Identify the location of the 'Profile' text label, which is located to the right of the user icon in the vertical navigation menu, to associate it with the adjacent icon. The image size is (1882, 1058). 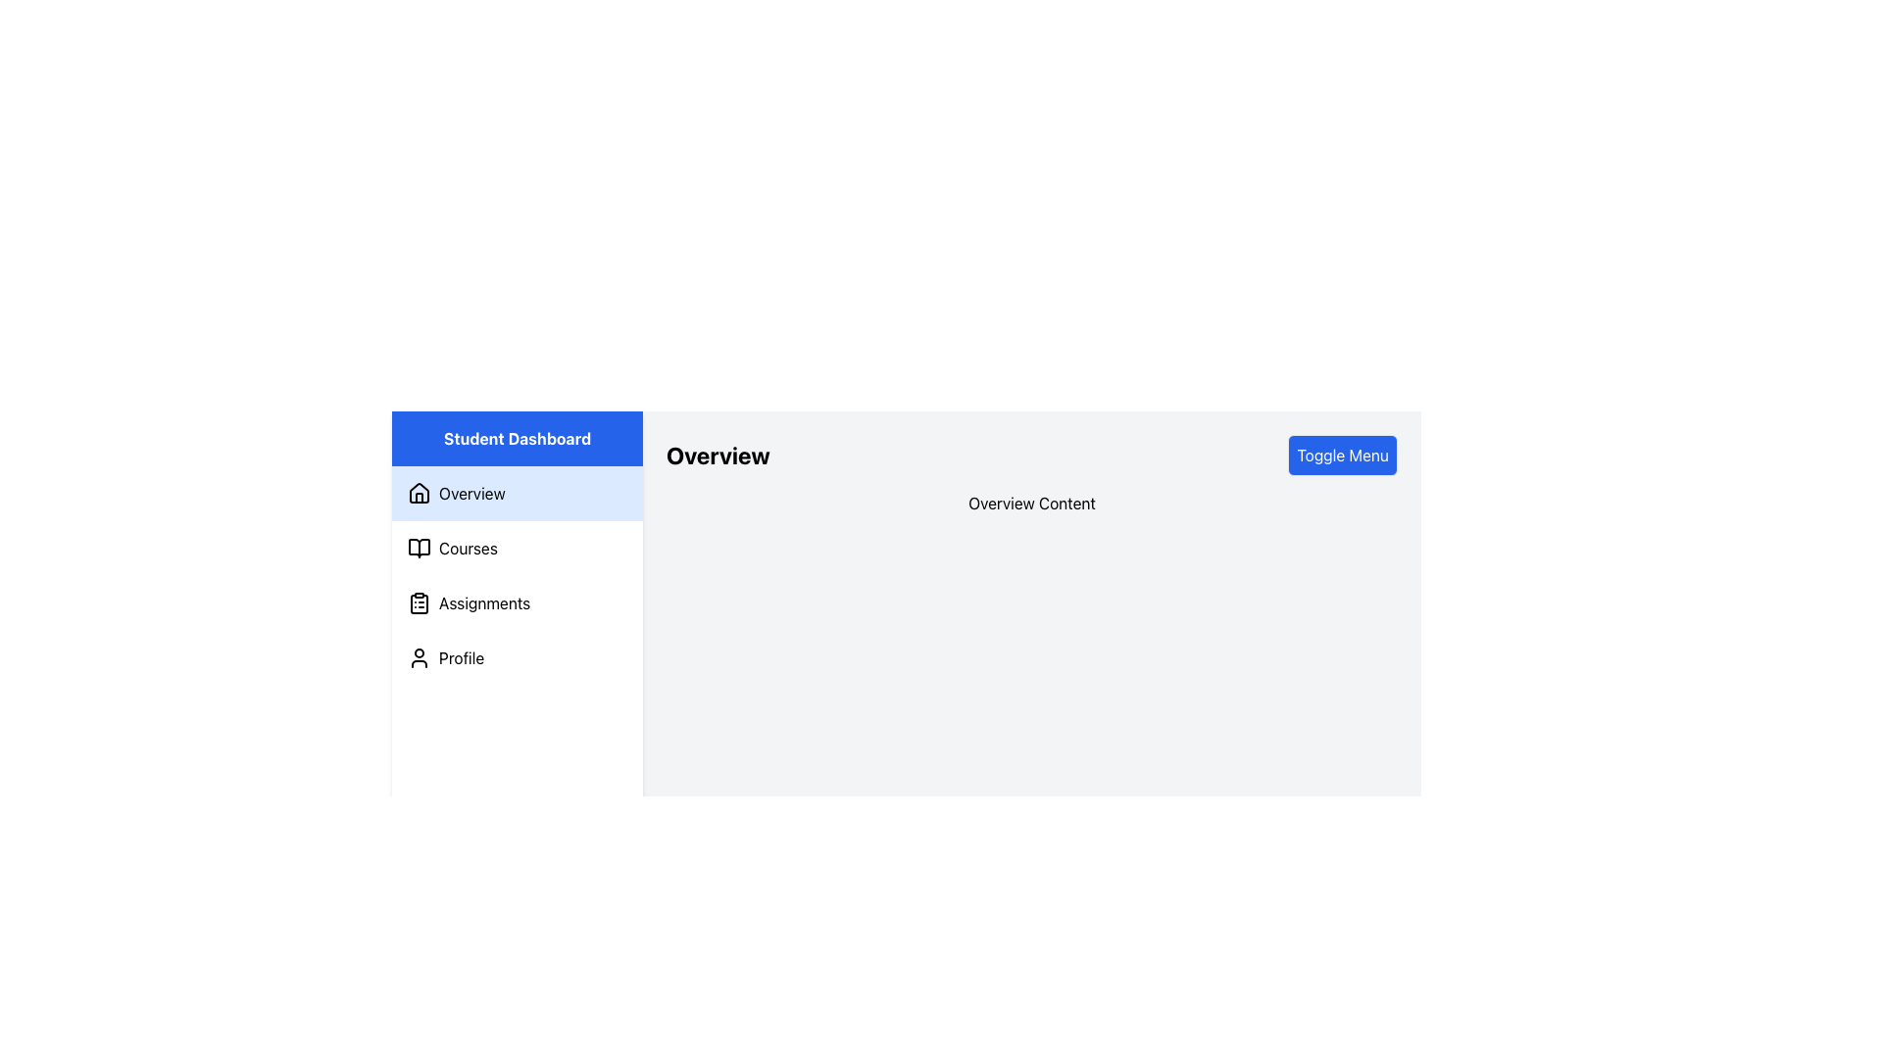
(461, 657).